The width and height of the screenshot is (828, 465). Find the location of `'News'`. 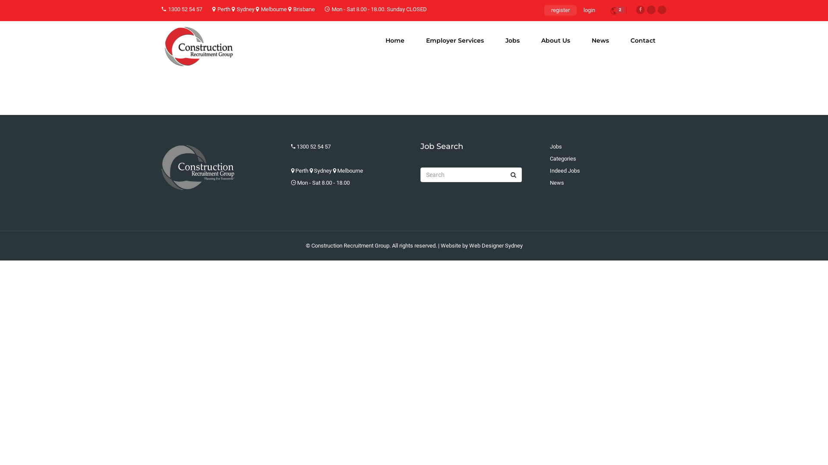

'News' is located at coordinates (557, 182).